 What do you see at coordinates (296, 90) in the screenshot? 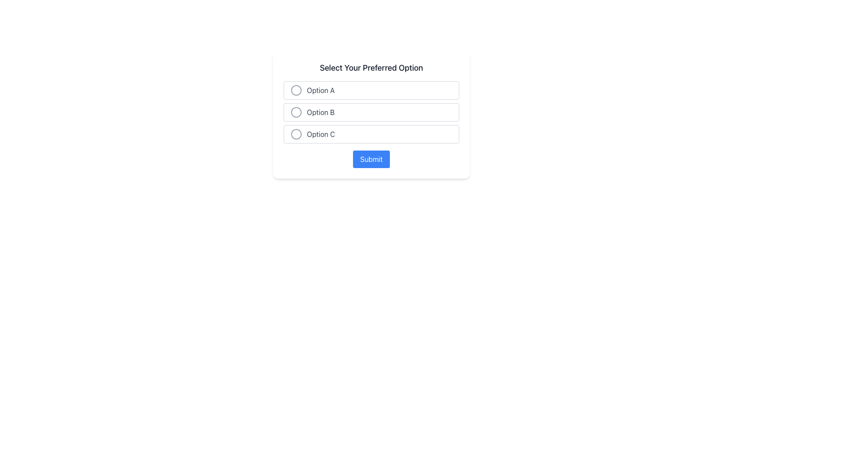
I see `the radio button for 'Option A'` at bounding box center [296, 90].